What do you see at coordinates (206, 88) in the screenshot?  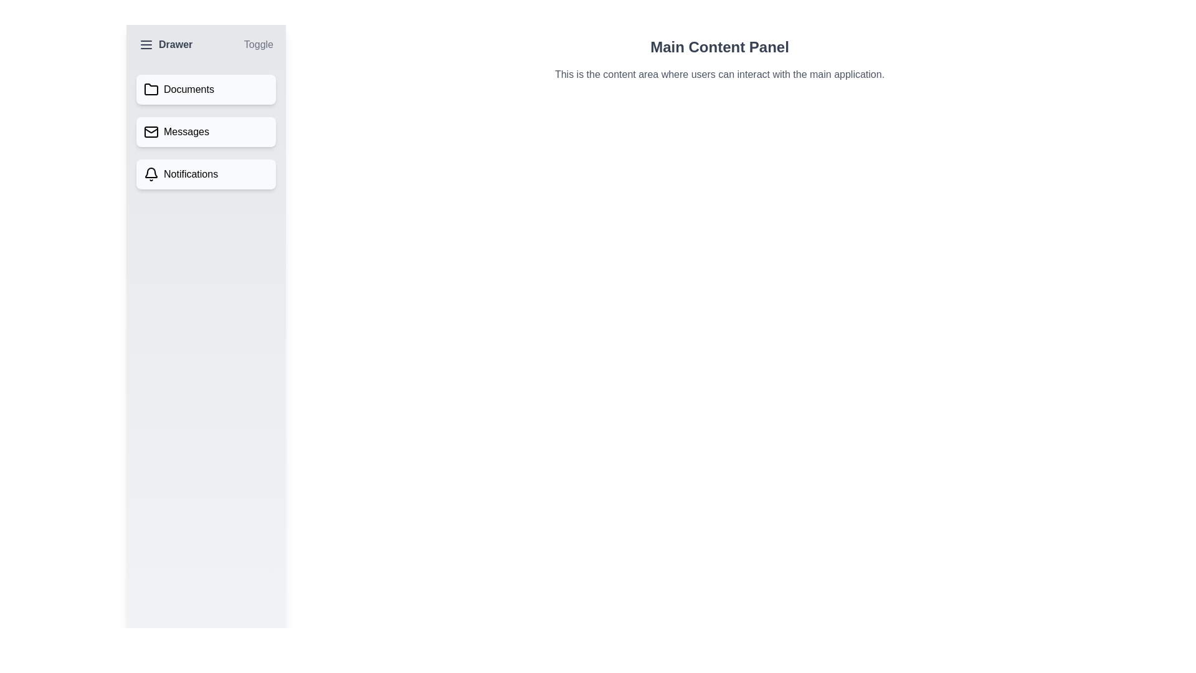 I see `the 'Documents' list item in the sidebar, which is the first item below the 'Drawer' header and features a folder icon with a light gray background` at bounding box center [206, 88].